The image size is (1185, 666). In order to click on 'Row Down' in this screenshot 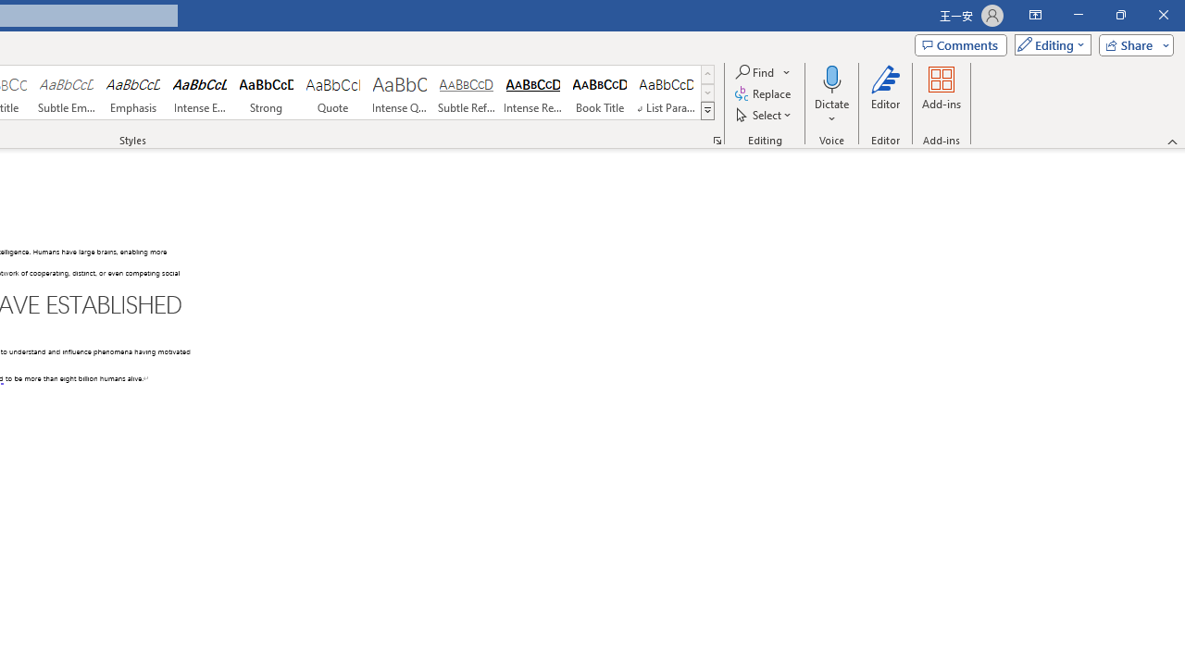, I will do `click(706, 92)`.